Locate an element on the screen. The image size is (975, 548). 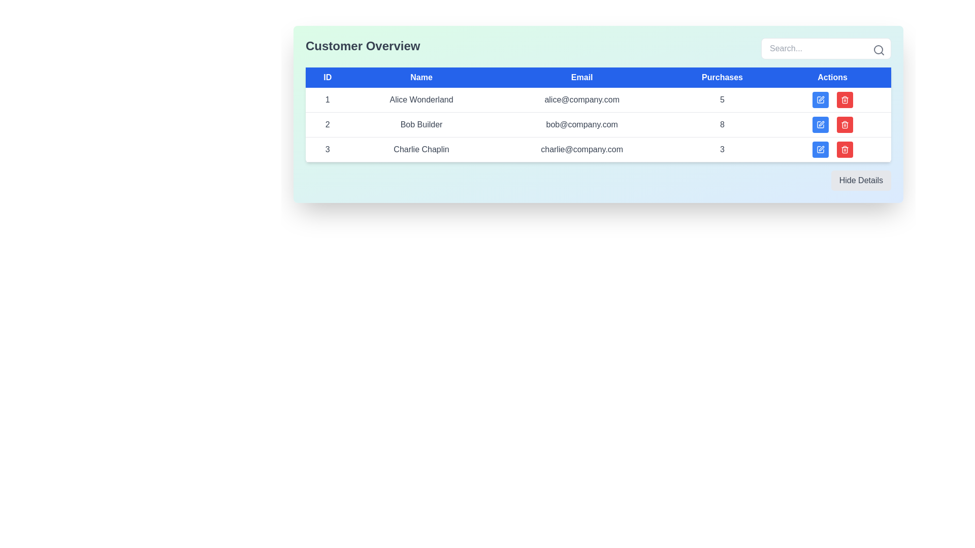
the edit icon in the 'Actions' column of the table for the entry corresponding to 'Charlie Chaplin' to initiate editing is located at coordinates (820, 149).